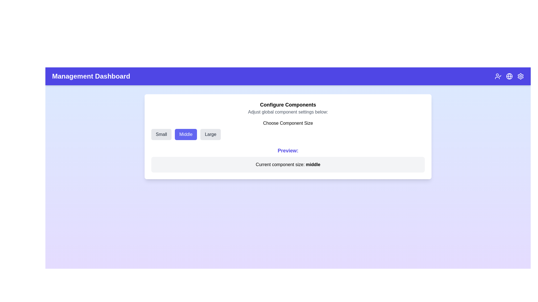  I want to click on the user account/profile icon in the top-right corner of the navigation bar, so click(498, 76).